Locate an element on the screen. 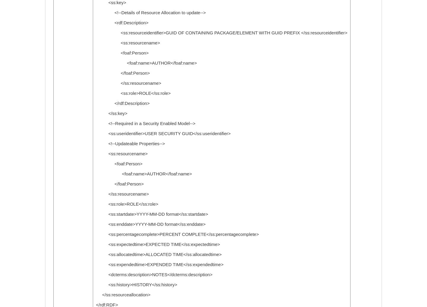 The image size is (427, 307). '<ss:allocatedtime>ALLOCATED TIME</ss:allocatedtime>' is located at coordinates (95, 254).